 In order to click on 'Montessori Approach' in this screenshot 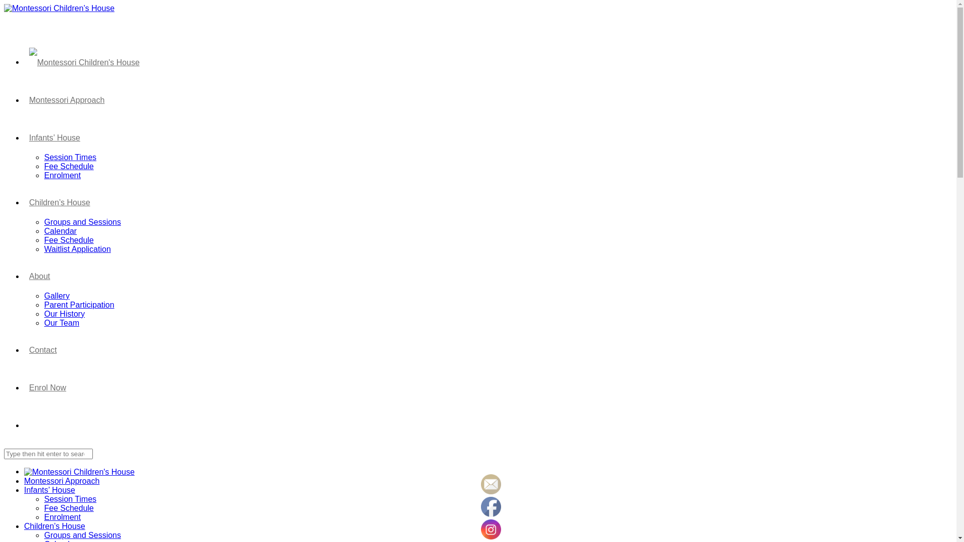, I will do `click(66, 99)`.